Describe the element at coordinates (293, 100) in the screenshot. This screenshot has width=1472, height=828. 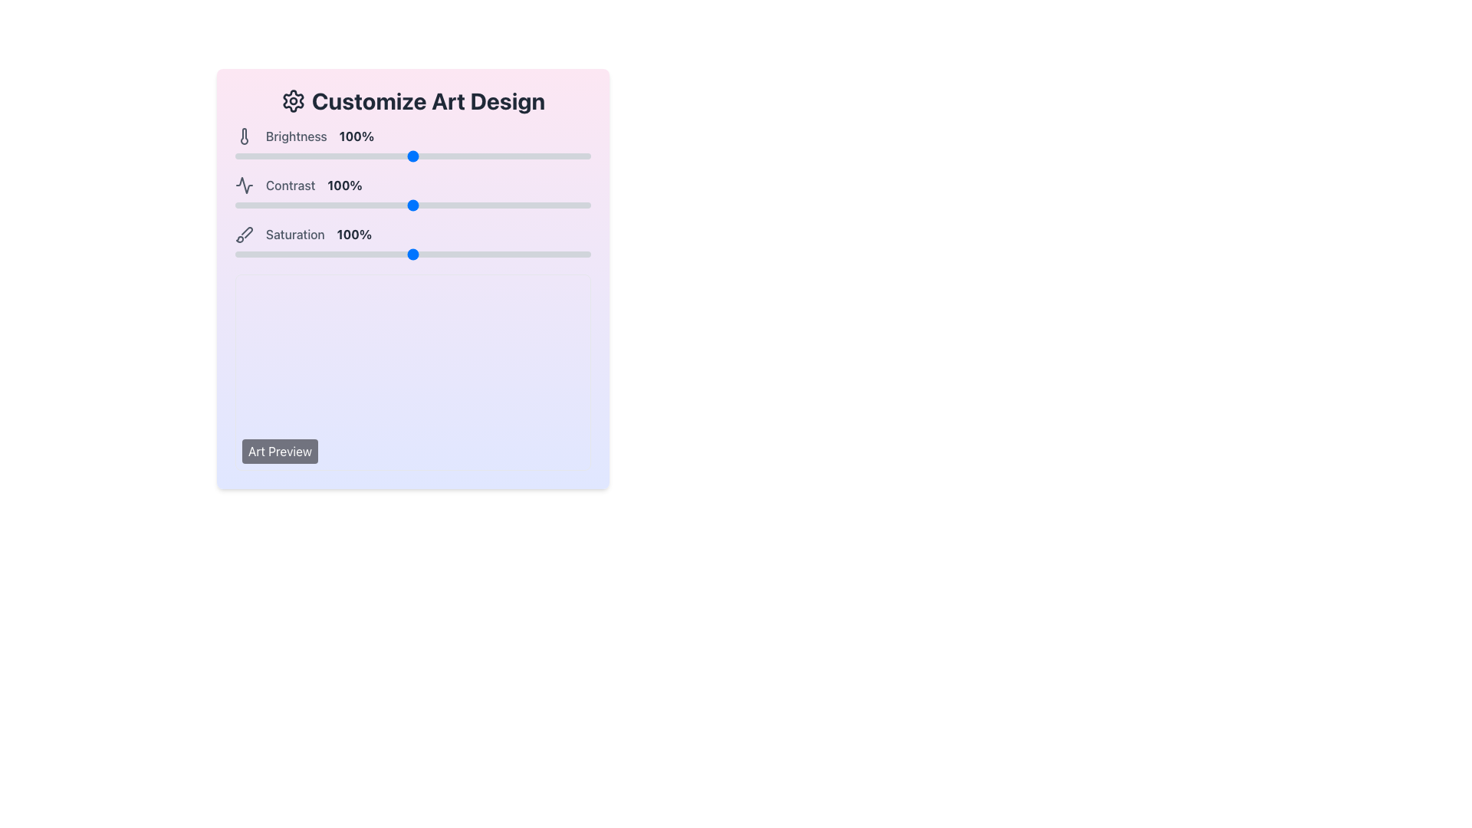
I see `the settings icon styled as a cogwheel located to the left of the 'Customize Art Design' text` at that location.